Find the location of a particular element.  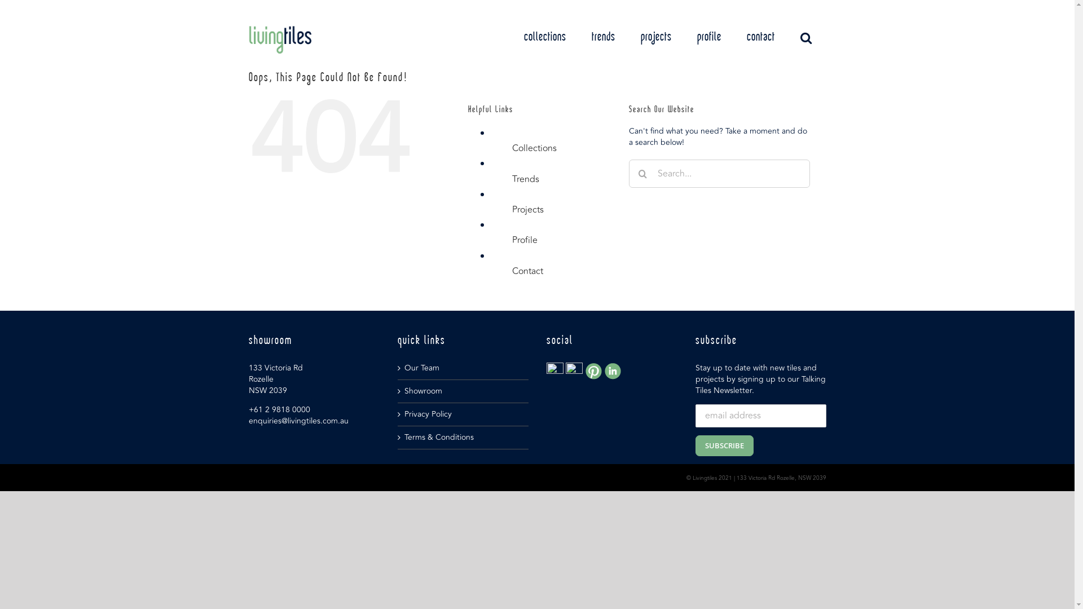

'133 Victoria Rd is located at coordinates (275, 379).